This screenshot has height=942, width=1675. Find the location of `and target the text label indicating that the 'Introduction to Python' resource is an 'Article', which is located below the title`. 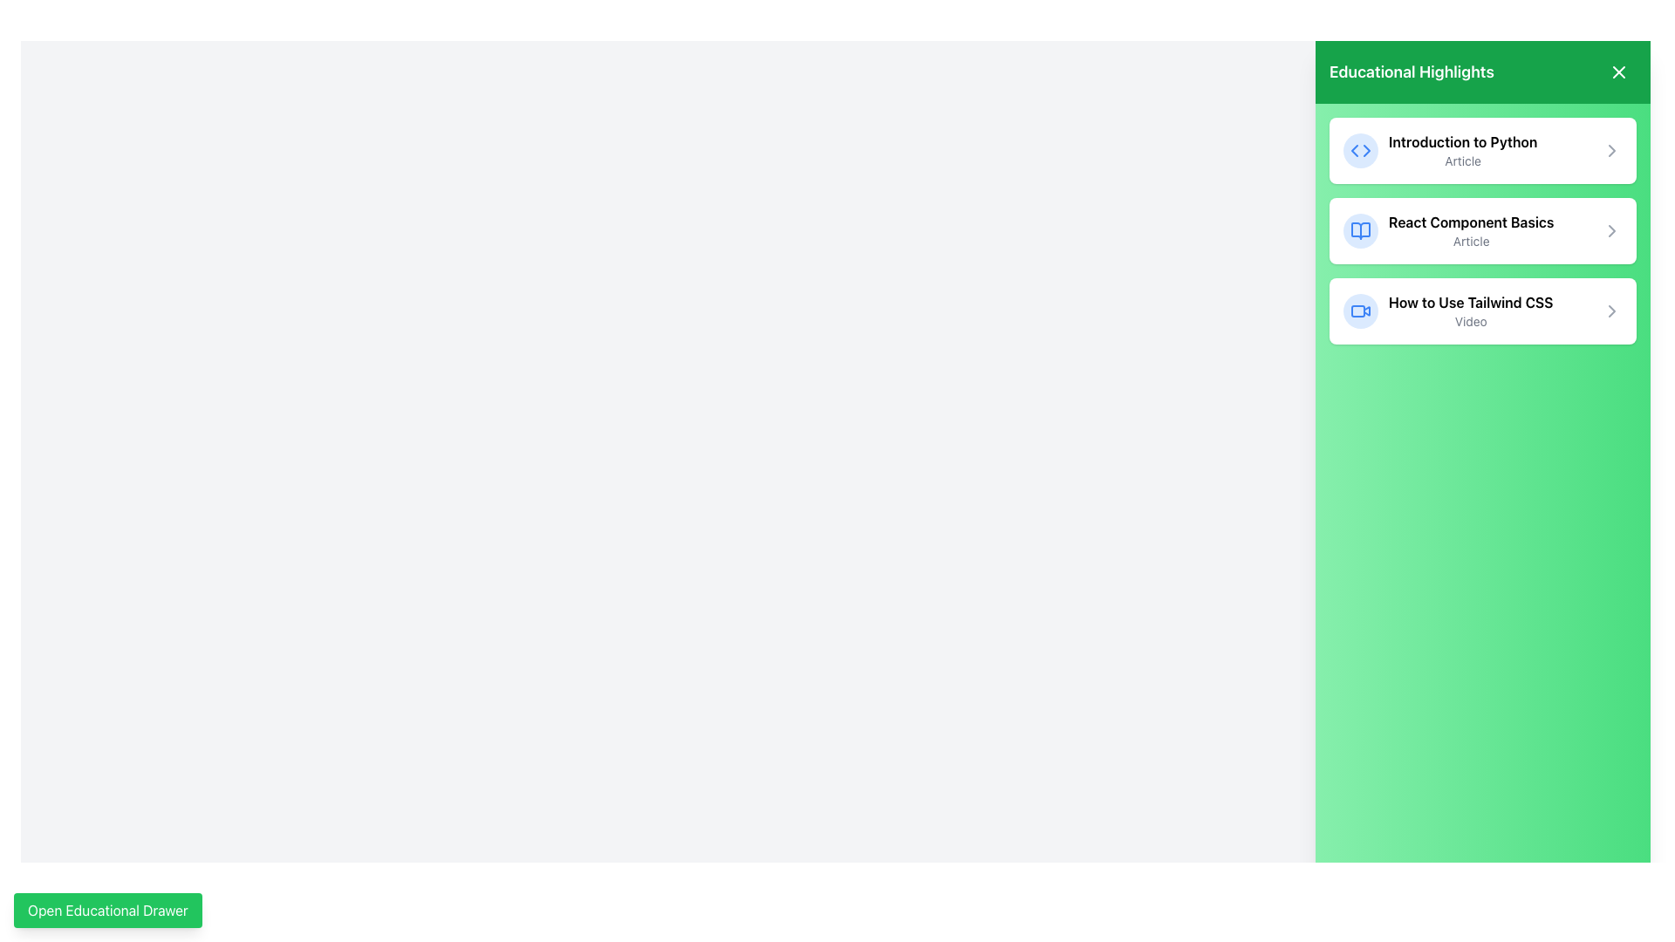

and target the text label indicating that the 'Introduction to Python' resource is an 'Article', which is located below the title is located at coordinates (1463, 161).